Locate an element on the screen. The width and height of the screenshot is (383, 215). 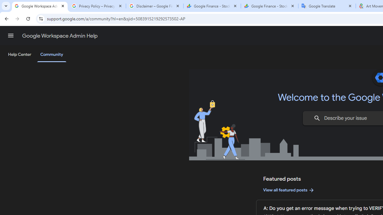
'Community' is located at coordinates (51, 55).